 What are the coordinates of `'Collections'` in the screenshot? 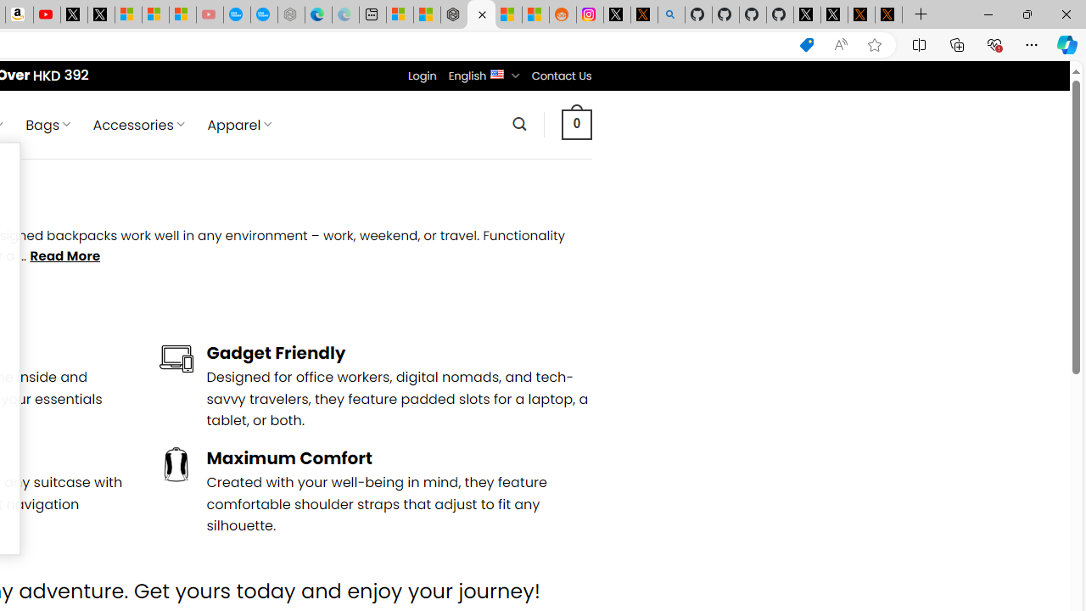 It's located at (957, 43).